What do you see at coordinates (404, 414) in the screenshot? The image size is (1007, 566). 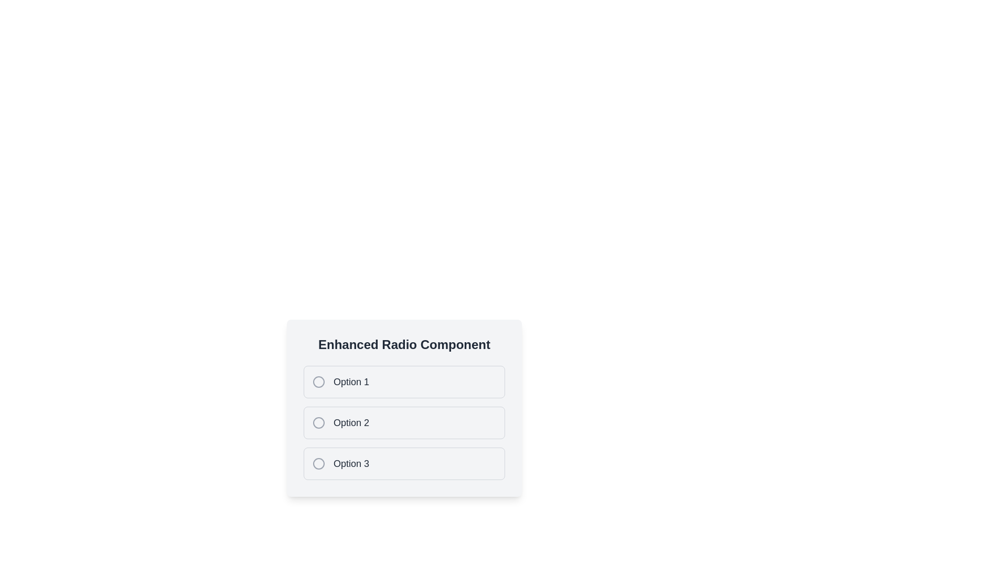 I see `the interactive radio option labeled 'Option 2', which features a circular radio button and is styled with a light gray border and rounded corners` at bounding box center [404, 414].